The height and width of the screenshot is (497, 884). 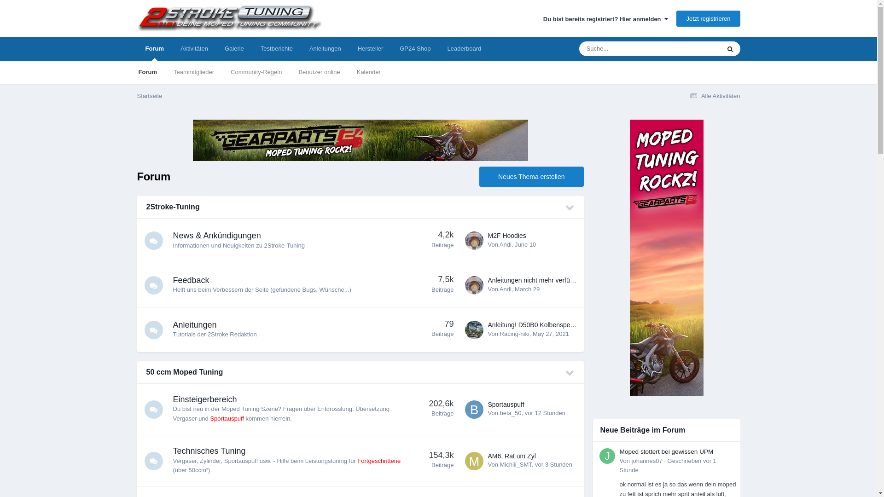 I want to click on 'Technisches Tuning', so click(x=173, y=450).